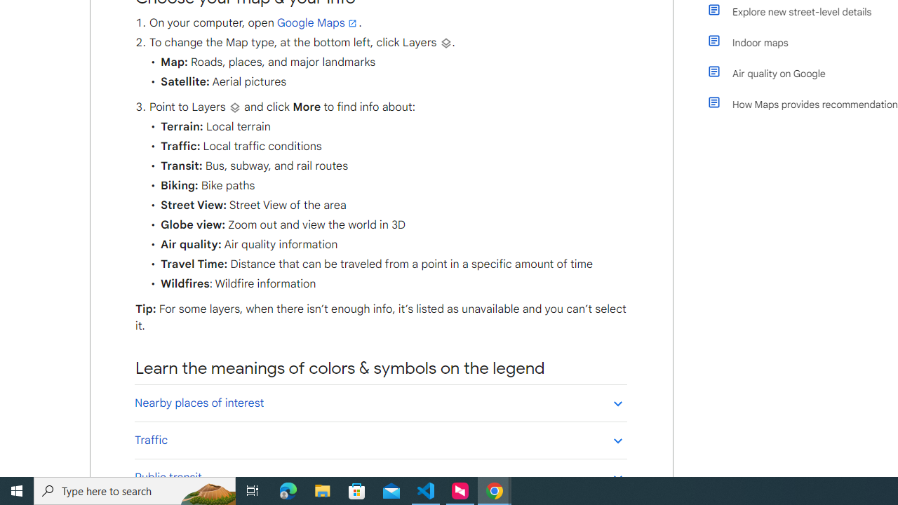 The image size is (898, 505). Describe the element at coordinates (234, 107) in the screenshot. I see `'Layers'` at that location.